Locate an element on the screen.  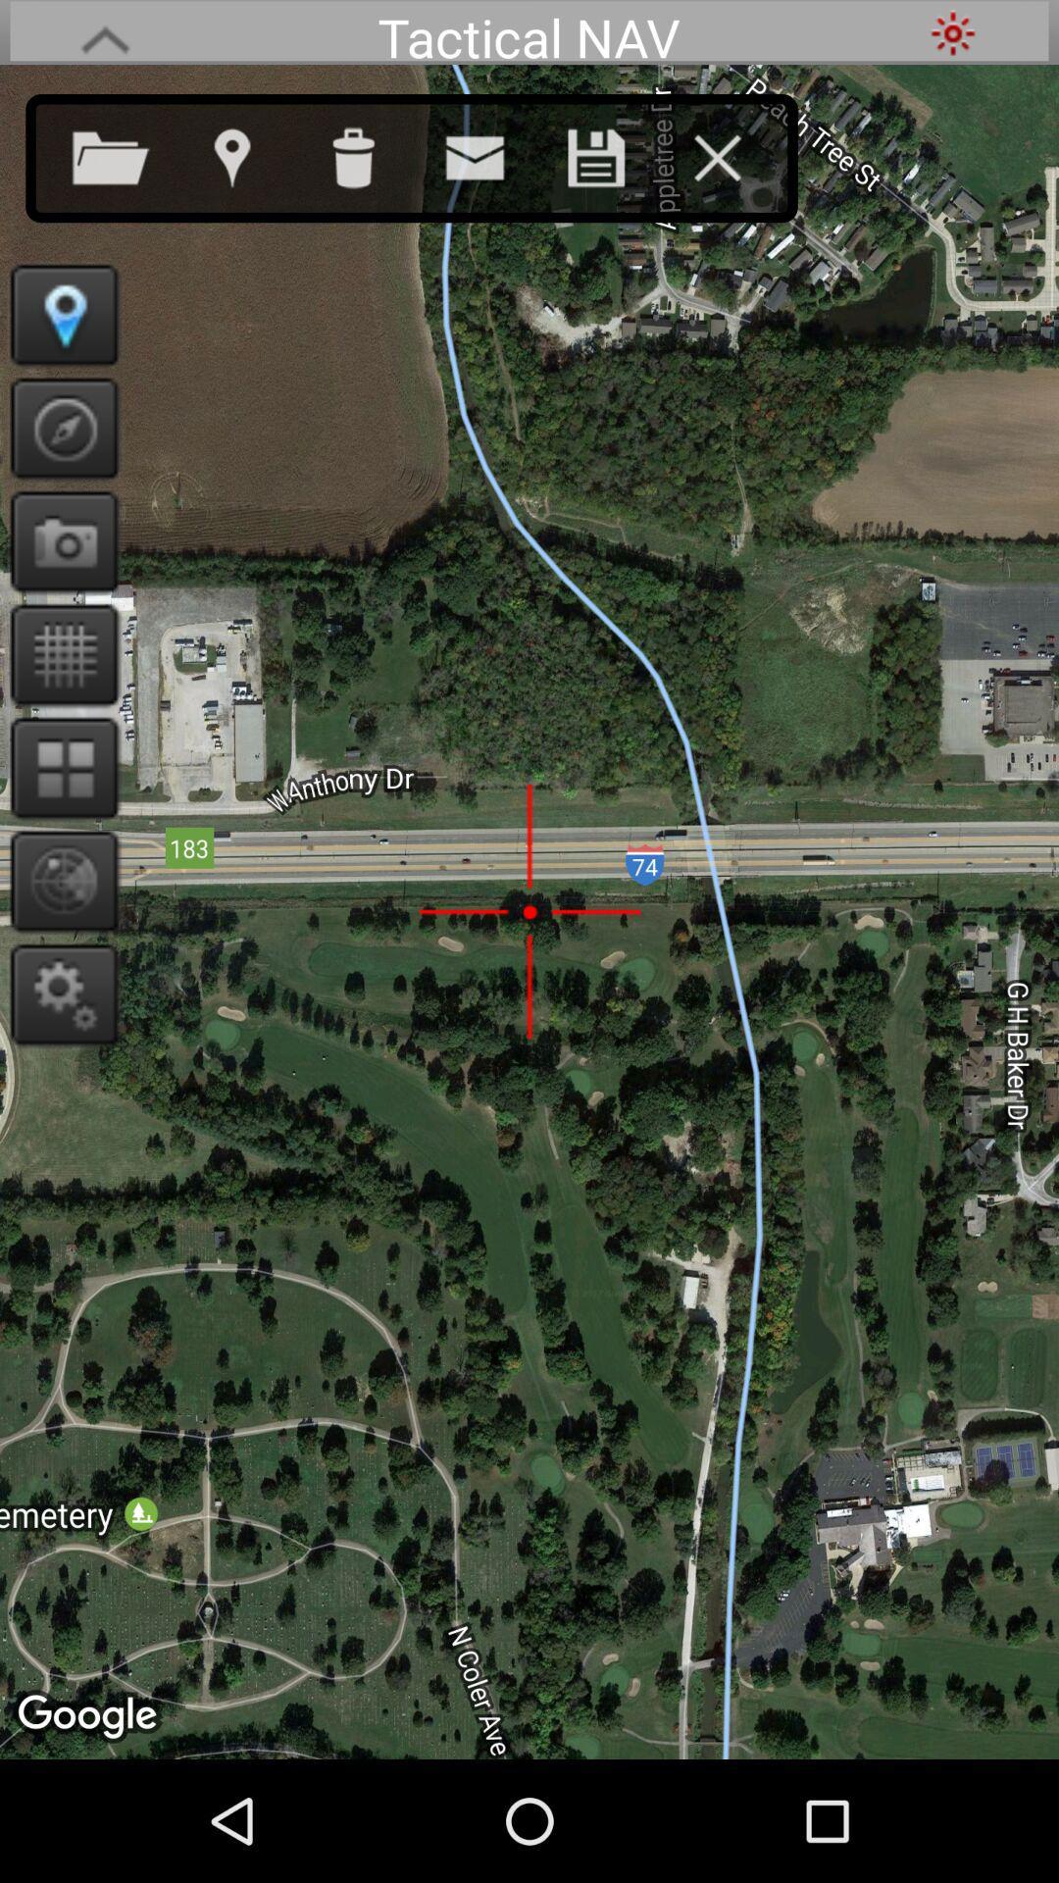
gps pin location is located at coordinates (57, 315).